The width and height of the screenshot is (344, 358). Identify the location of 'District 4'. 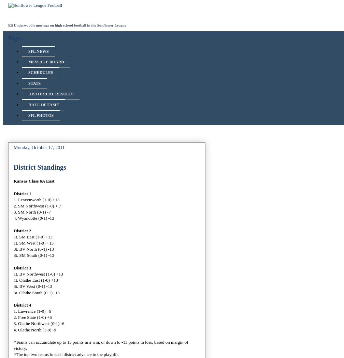
(22, 305).